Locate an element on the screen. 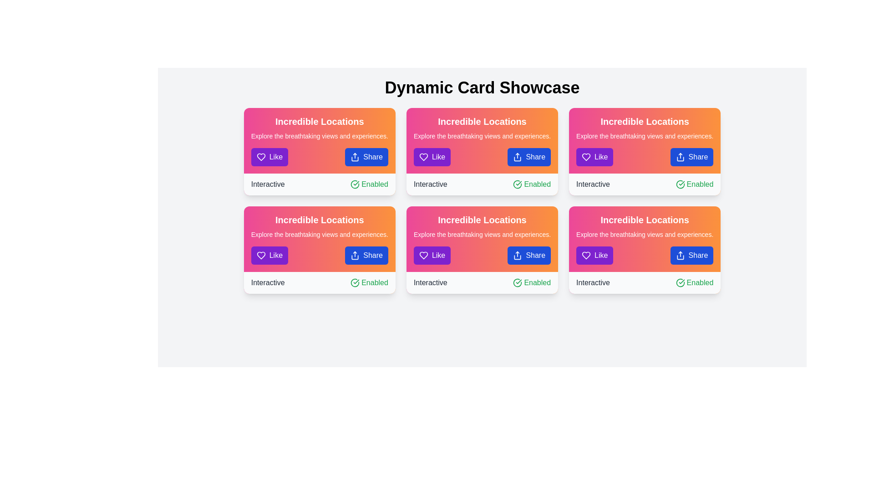 This screenshot has width=874, height=492. the circular green icon with a checkmark inside, indicating an 'enabled' state, located in the bottom-right segment of the last card in the second row of the grid is located at coordinates (680, 282).